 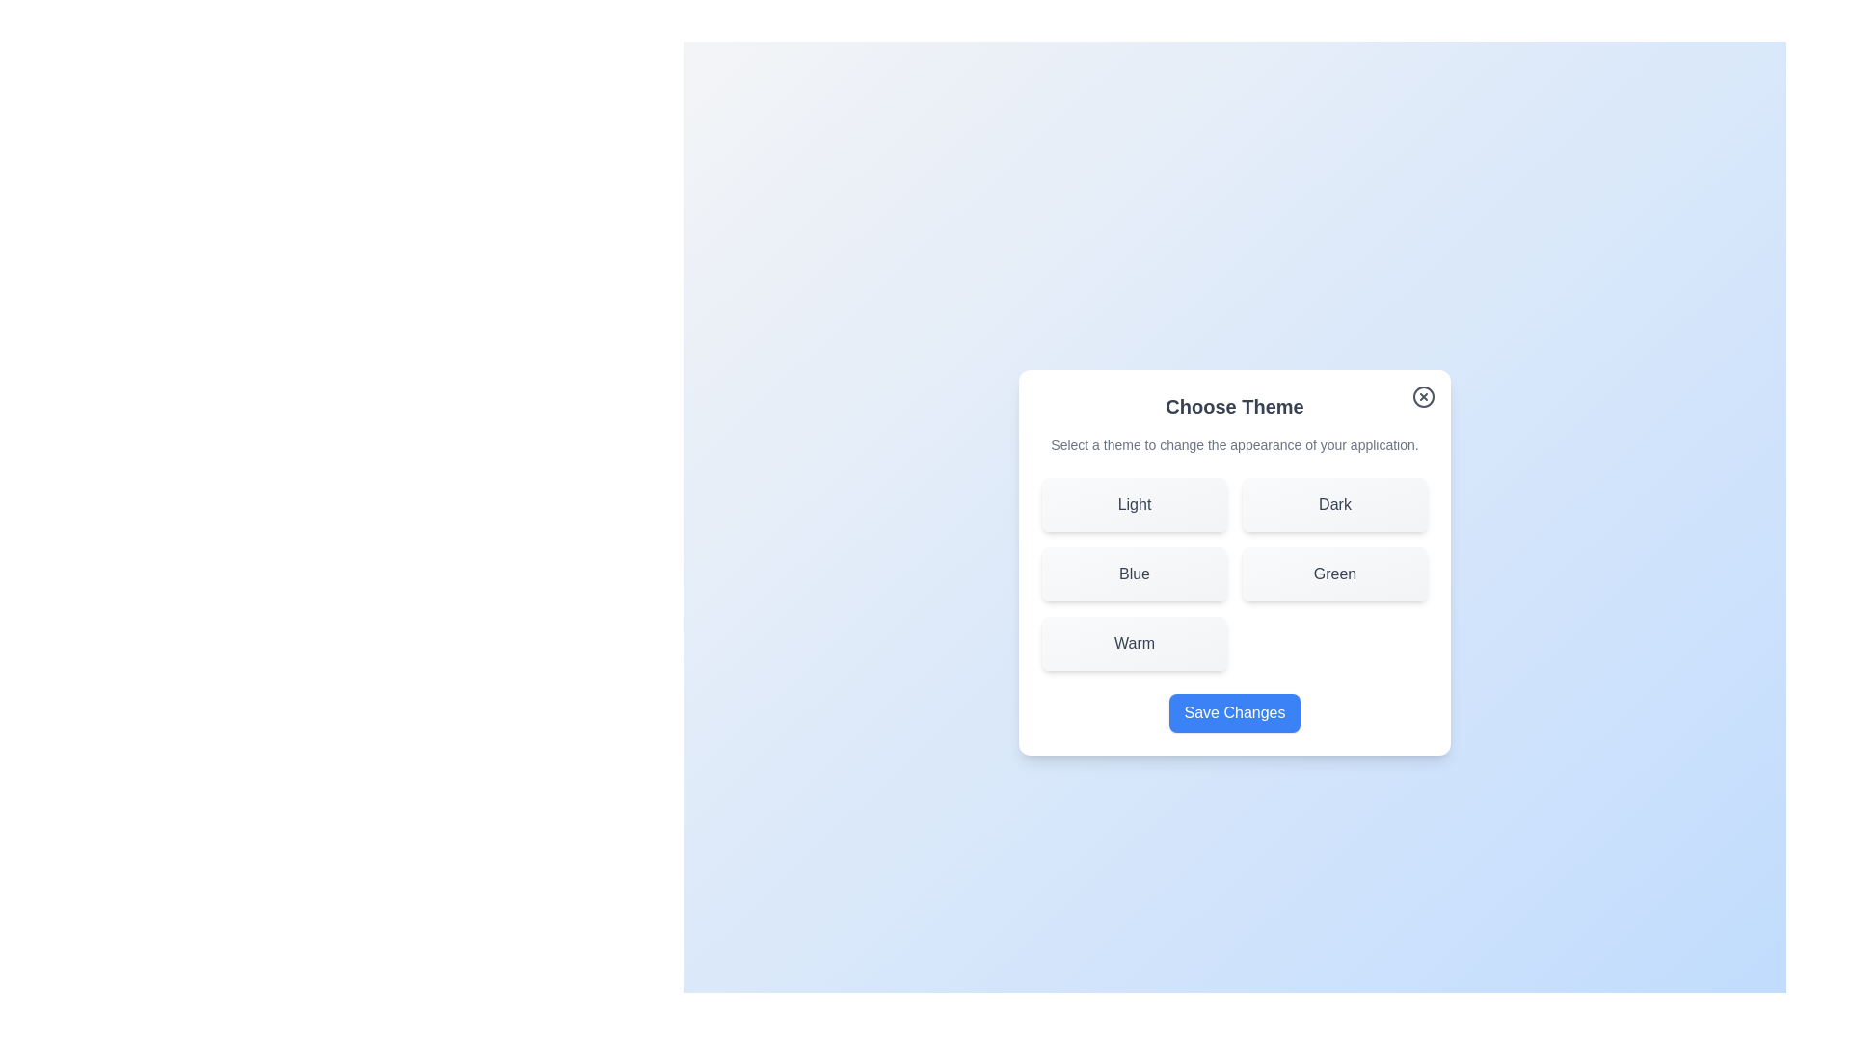 What do you see at coordinates (1134, 504) in the screenshot?
I see `the theme Light by clicking its corresponding button` at bounding box center [1134, 504].